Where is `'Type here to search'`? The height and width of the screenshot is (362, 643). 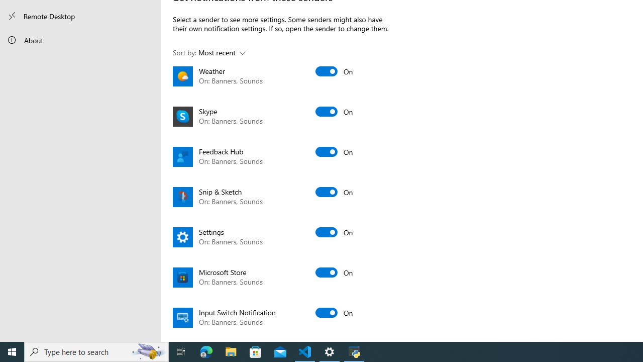 'Type here to search' is located at coordinates (96, 351).